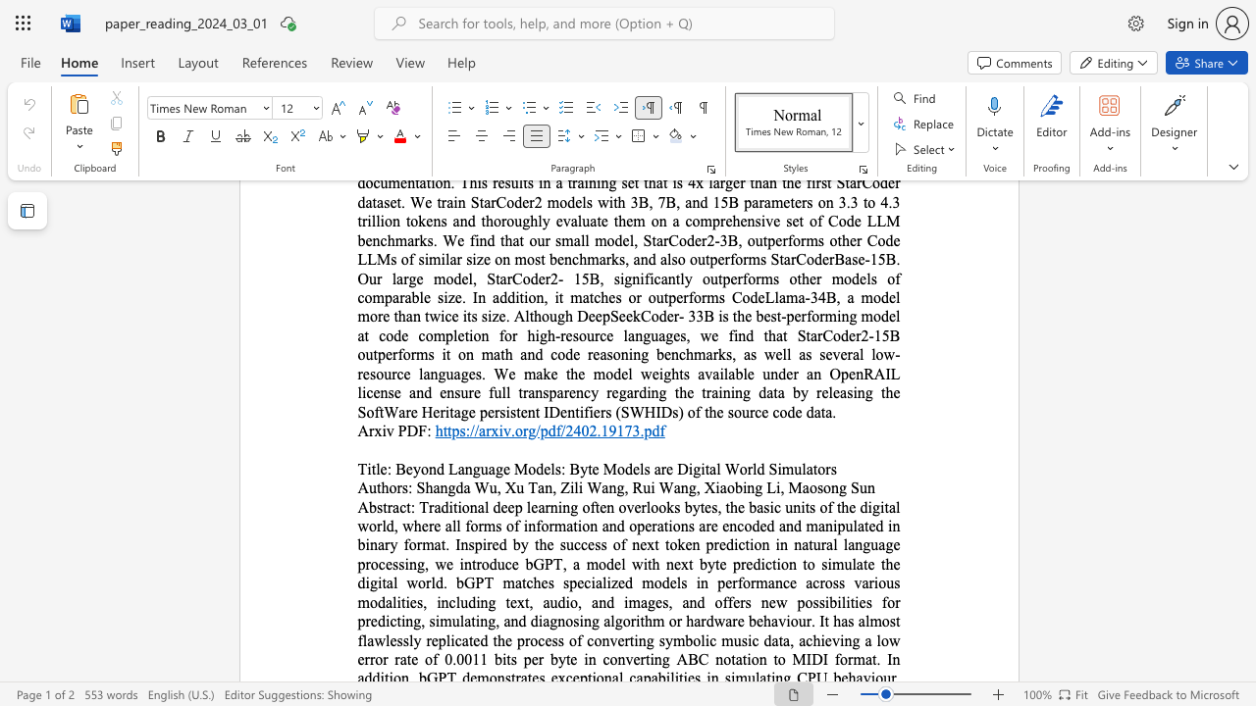  I want to click on the subset text "han" within the text "Shangda Wu,", so click(424, 486).